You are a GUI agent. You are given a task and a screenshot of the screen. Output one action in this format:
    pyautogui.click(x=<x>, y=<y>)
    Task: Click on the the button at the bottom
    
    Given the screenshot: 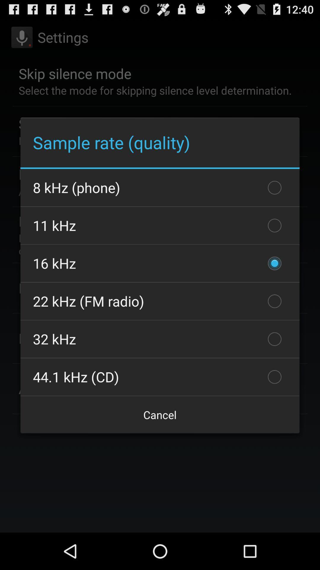 What is the action you would take?
    pyautogui.click(x=160, y=414)
    